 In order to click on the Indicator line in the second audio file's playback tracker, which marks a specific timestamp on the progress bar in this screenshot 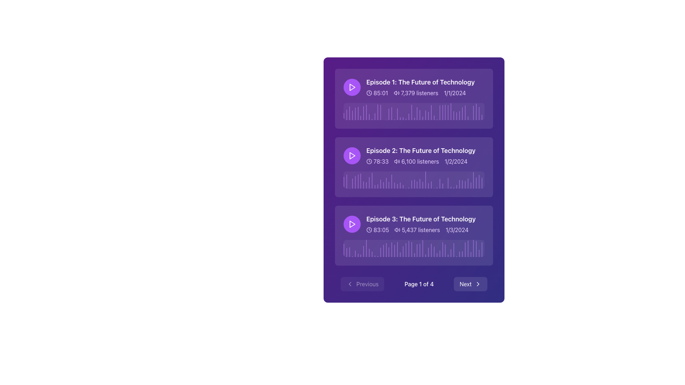, I will do `click(361, 181)`.